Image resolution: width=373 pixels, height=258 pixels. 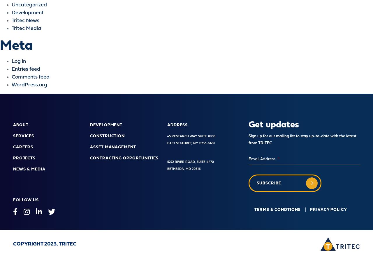 What do you see at coordinates (19, 61) in the screenshot?
I see `'Log in'` at bounding box center [19, 61].